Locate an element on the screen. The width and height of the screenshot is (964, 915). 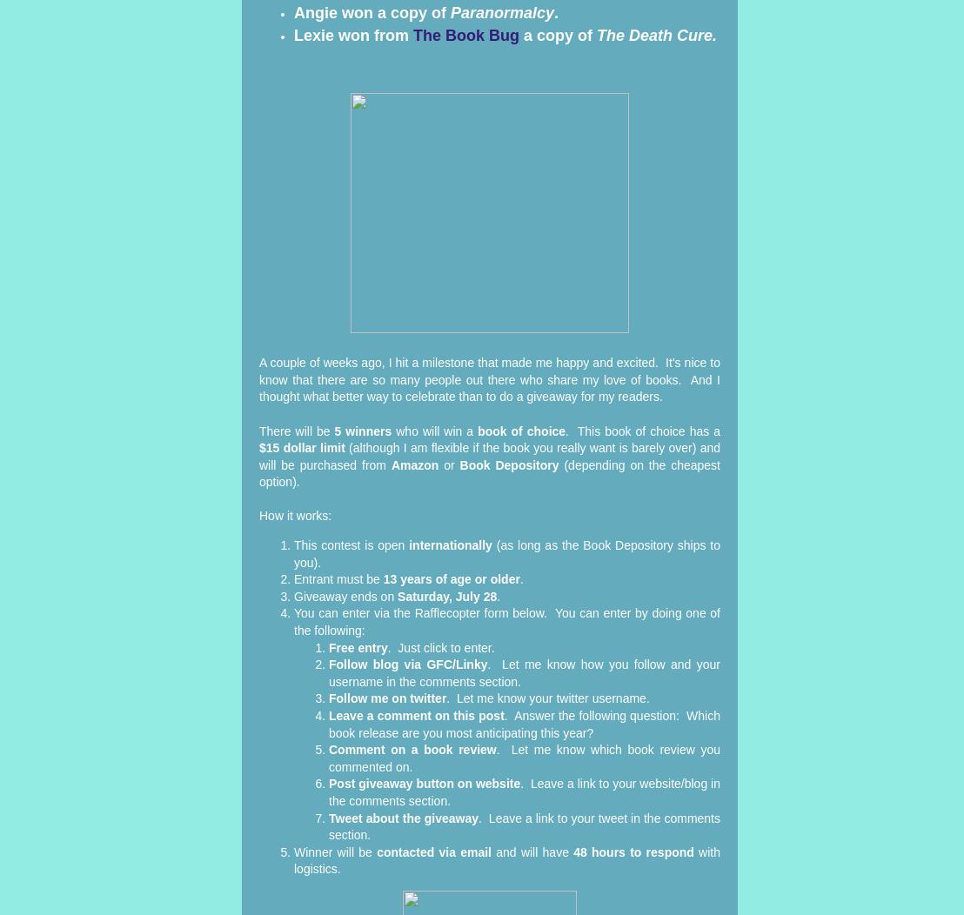
'Amazon' is located at coordinates (414, 464).